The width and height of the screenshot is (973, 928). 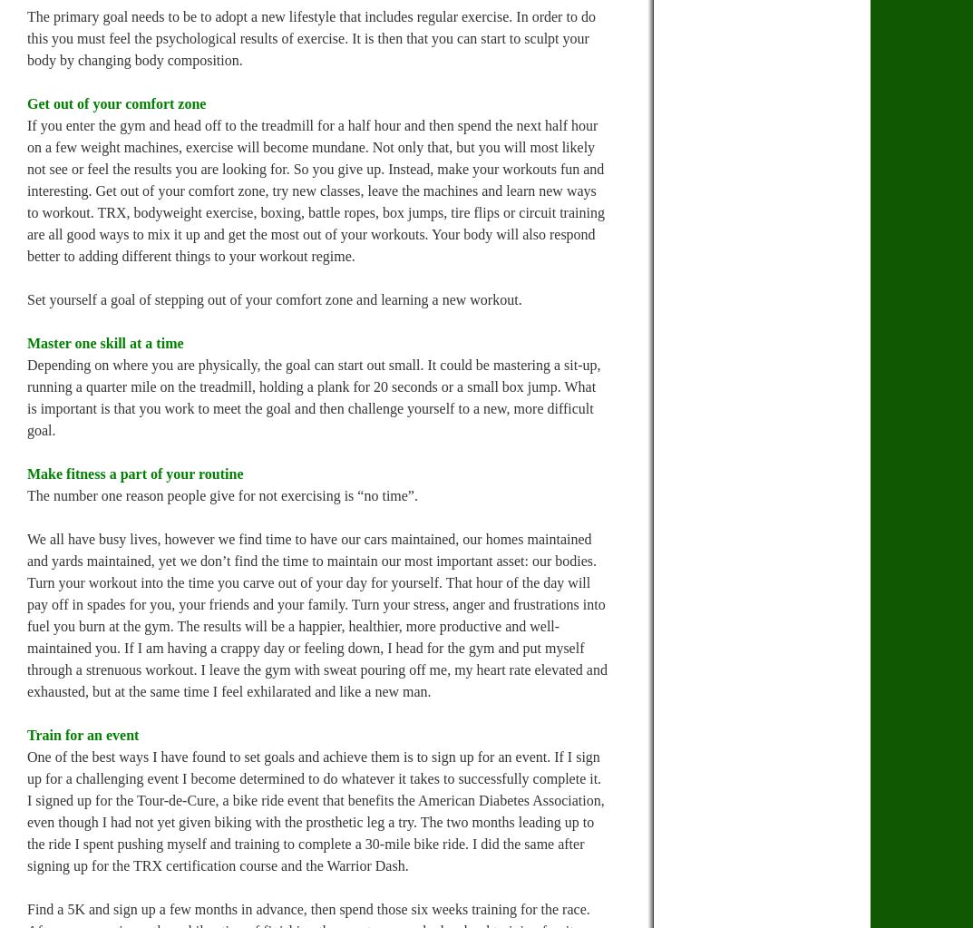 I want to click on 'We all have busy lives, however we find time to have our cars maintained, our homes maintained and yards maintained, yet we don’t find the time to maintain our most important asset: our bodies. Turn your workout into the time you carve out of your day for yourself. That hour of the day will pay off in spades for you, your friends and your family. Turn your stress, anger and frustrations into fuel you burn at the gym. The results will be a happier, healthier, more productive and well-maintained you. If I am having a crappy day or feeling down, I head for the gym and put myself through a strenuous workout. I leave the gym with sweat pouring off me, my heart rate elevated and exhausted, but at the same time I feel exhilarated and like a new man.', so click(x=316, y=614).